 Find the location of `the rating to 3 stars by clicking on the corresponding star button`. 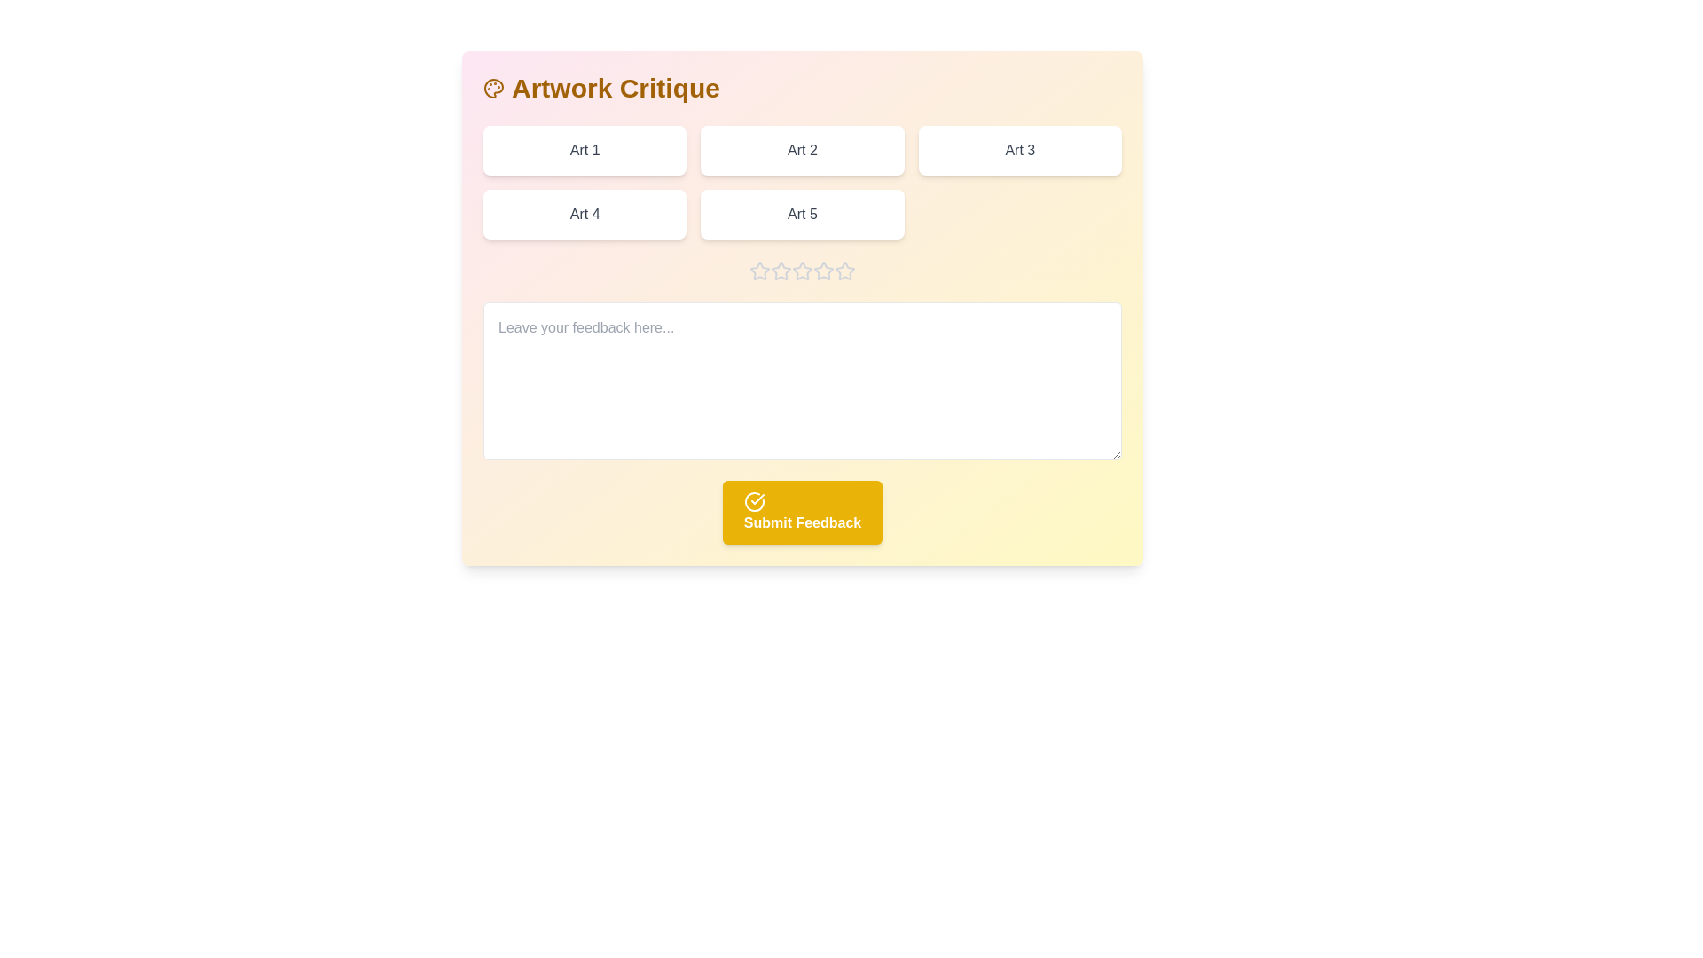

the rating to 3 stars by clicking on the corresponding star button is located at coordinates (802, 271).